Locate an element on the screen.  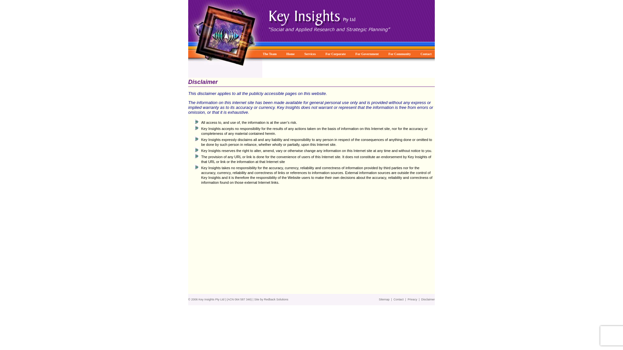
'For Government' is located at coordinates (367, 53).